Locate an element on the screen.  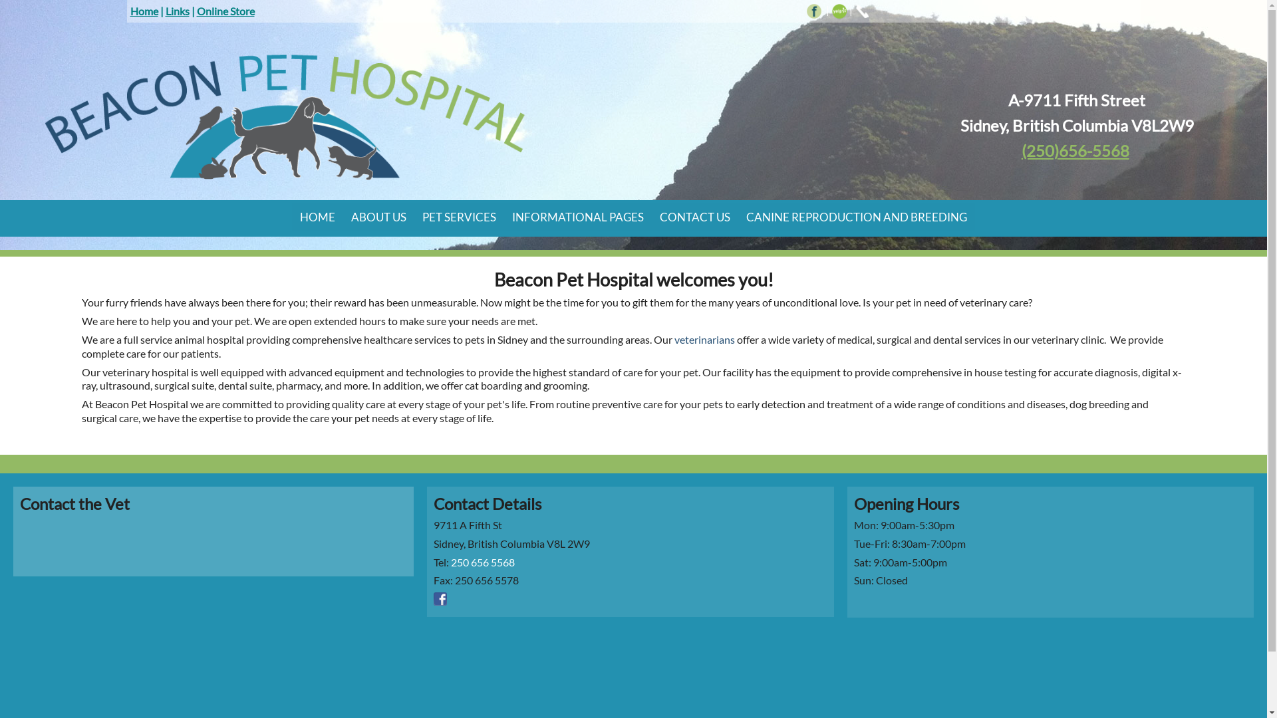
'yelp icon' is located at coordinates (830, 11).